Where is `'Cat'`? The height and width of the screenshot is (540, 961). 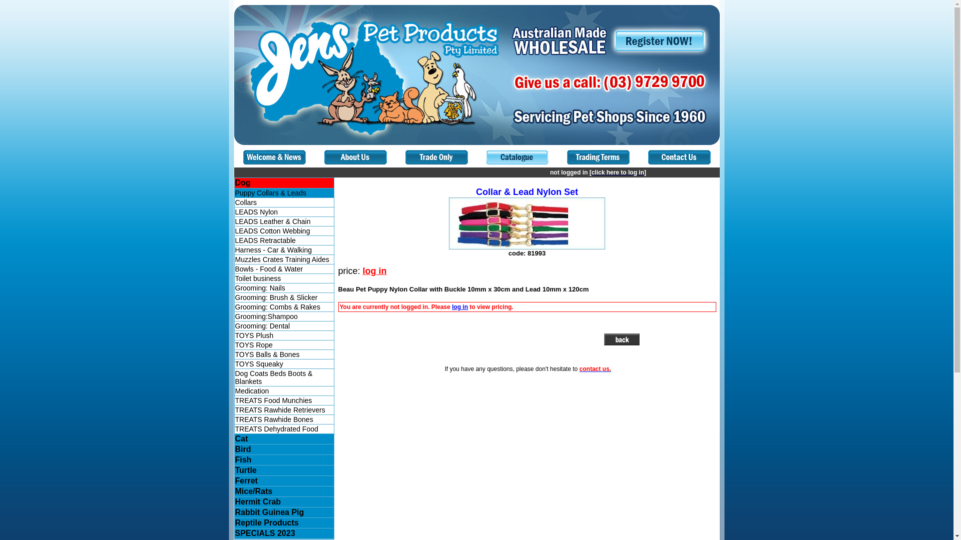 'Cat' is located at coordinates (242, 438).